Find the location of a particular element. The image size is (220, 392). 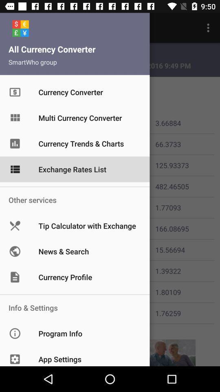

the option which is left to the text exchange rates list is located at coordinates (22, 165).